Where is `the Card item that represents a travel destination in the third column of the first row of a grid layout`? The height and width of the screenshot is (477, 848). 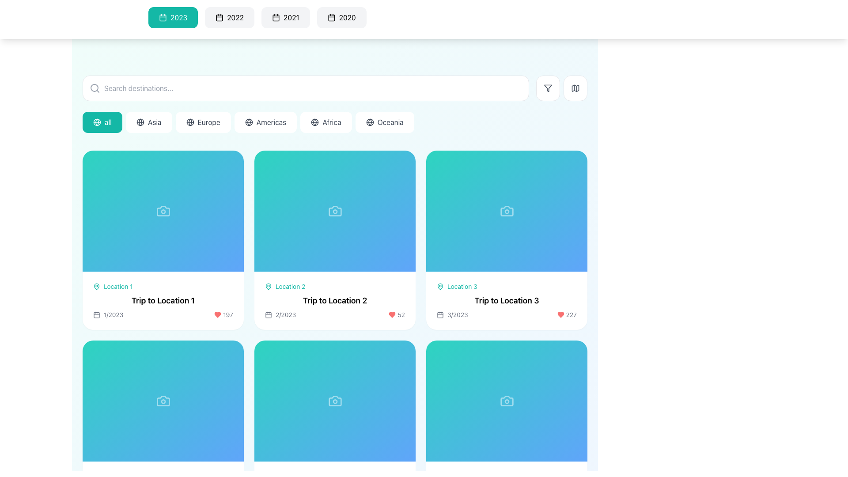
the Card item that represents a travel destination in the third column of the first row of a grid layout is located at coordinates (507, 240).